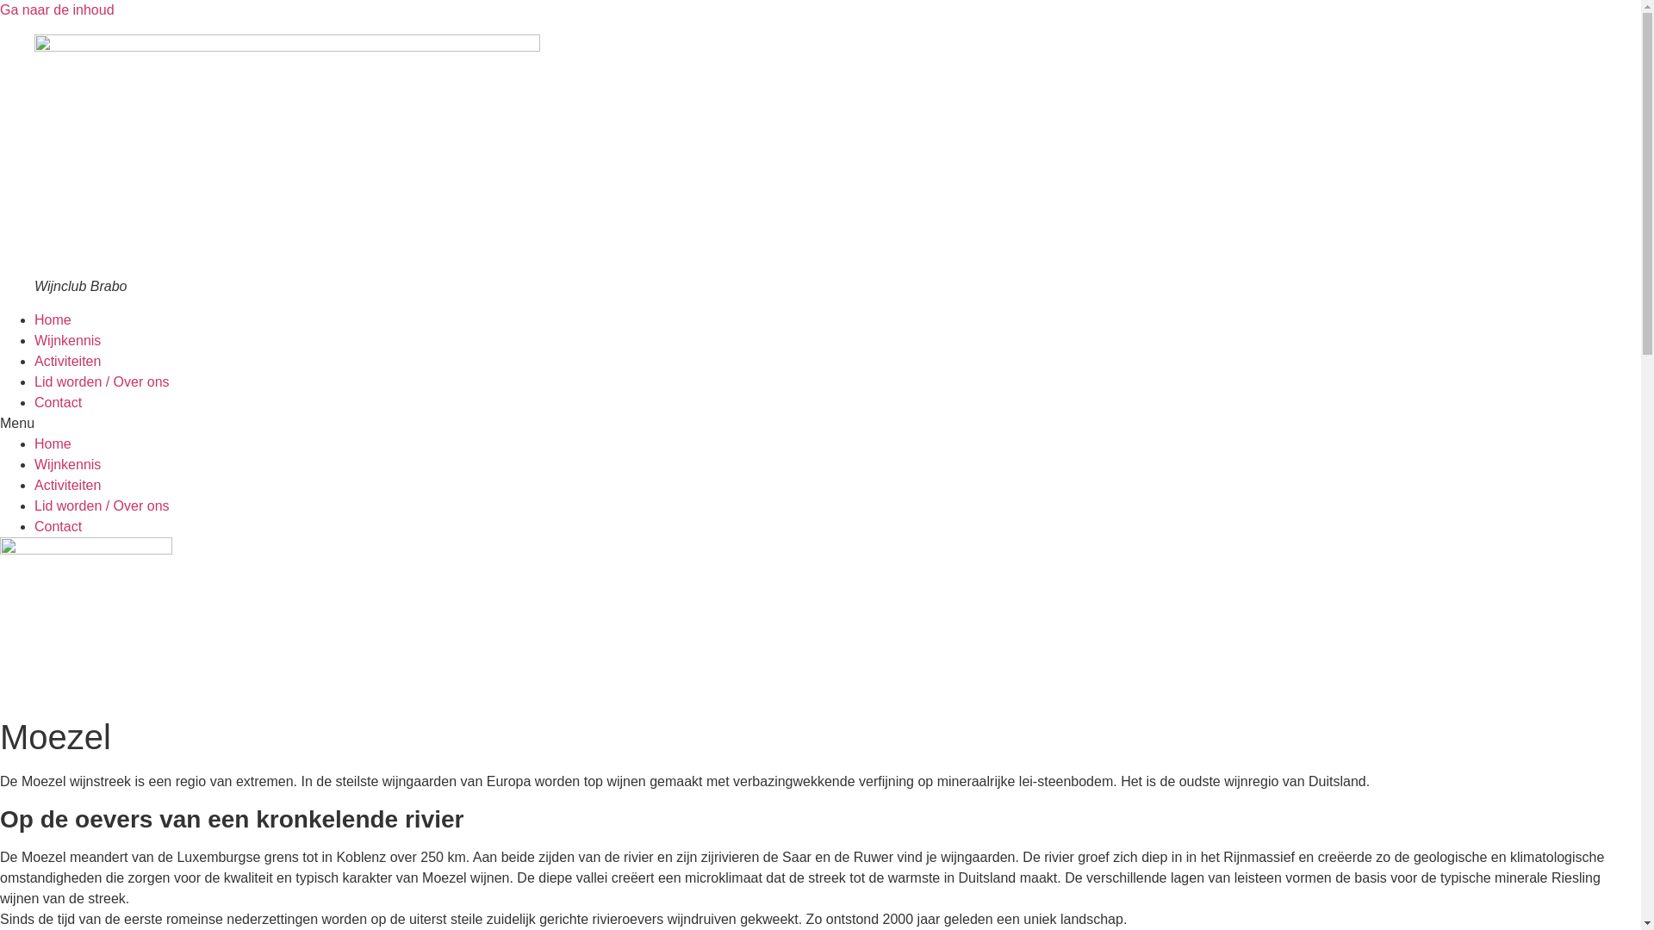  I want to click on 'Lid worden / Over ons', so click(101, 505).